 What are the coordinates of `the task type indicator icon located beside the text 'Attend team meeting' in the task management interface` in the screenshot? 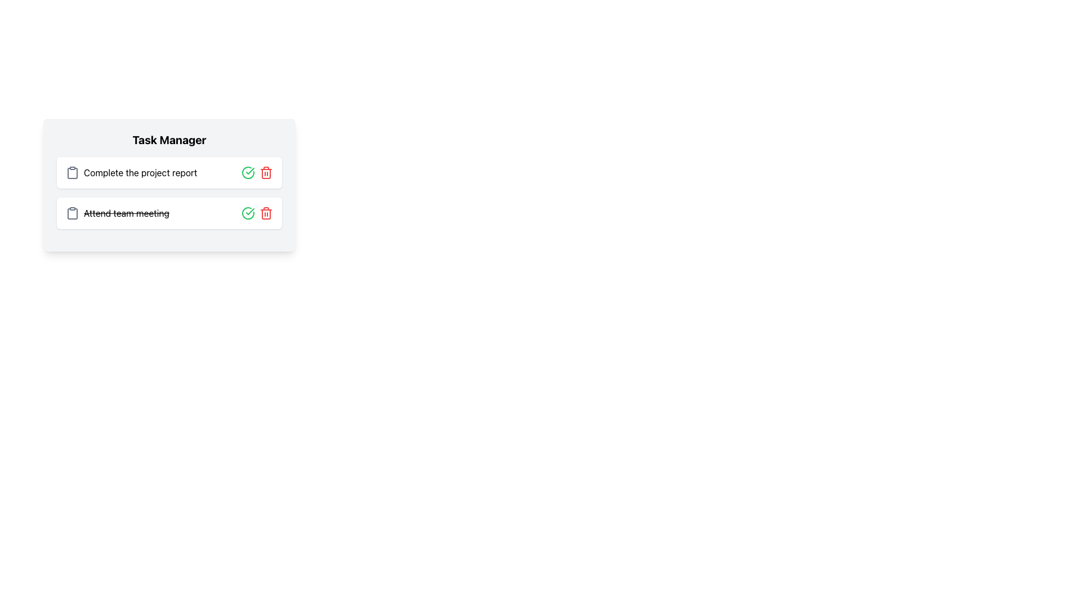 It's located at (72, 214).